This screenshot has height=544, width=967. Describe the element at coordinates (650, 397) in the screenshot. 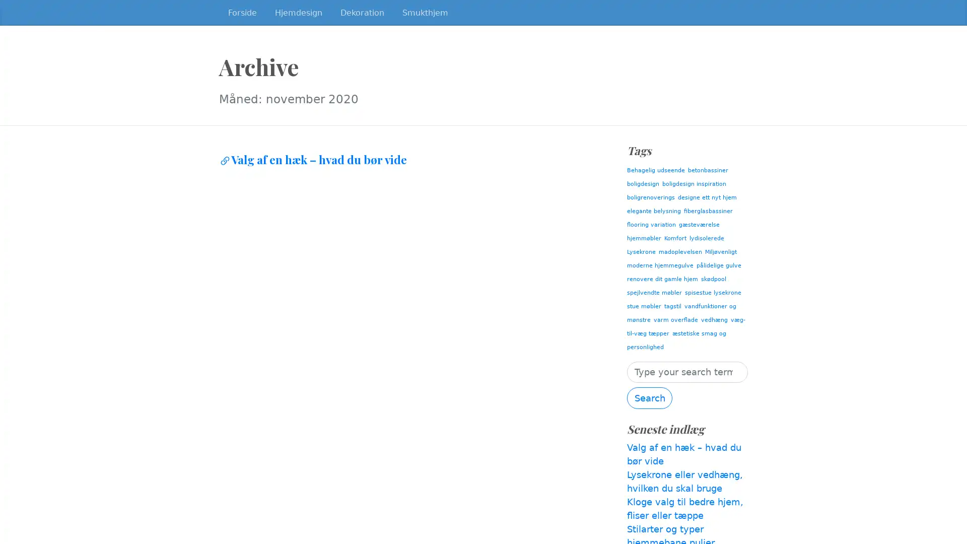

I see `Search` at that location.